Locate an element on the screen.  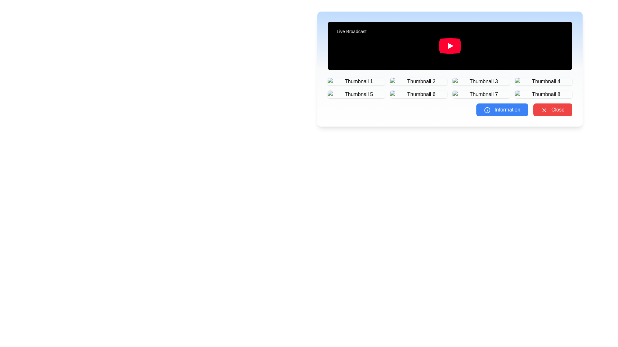
the leftmost button in the bottom-right section of the video and thumbnail UI display to activate the hover effect is located at coordinates (502, 110).